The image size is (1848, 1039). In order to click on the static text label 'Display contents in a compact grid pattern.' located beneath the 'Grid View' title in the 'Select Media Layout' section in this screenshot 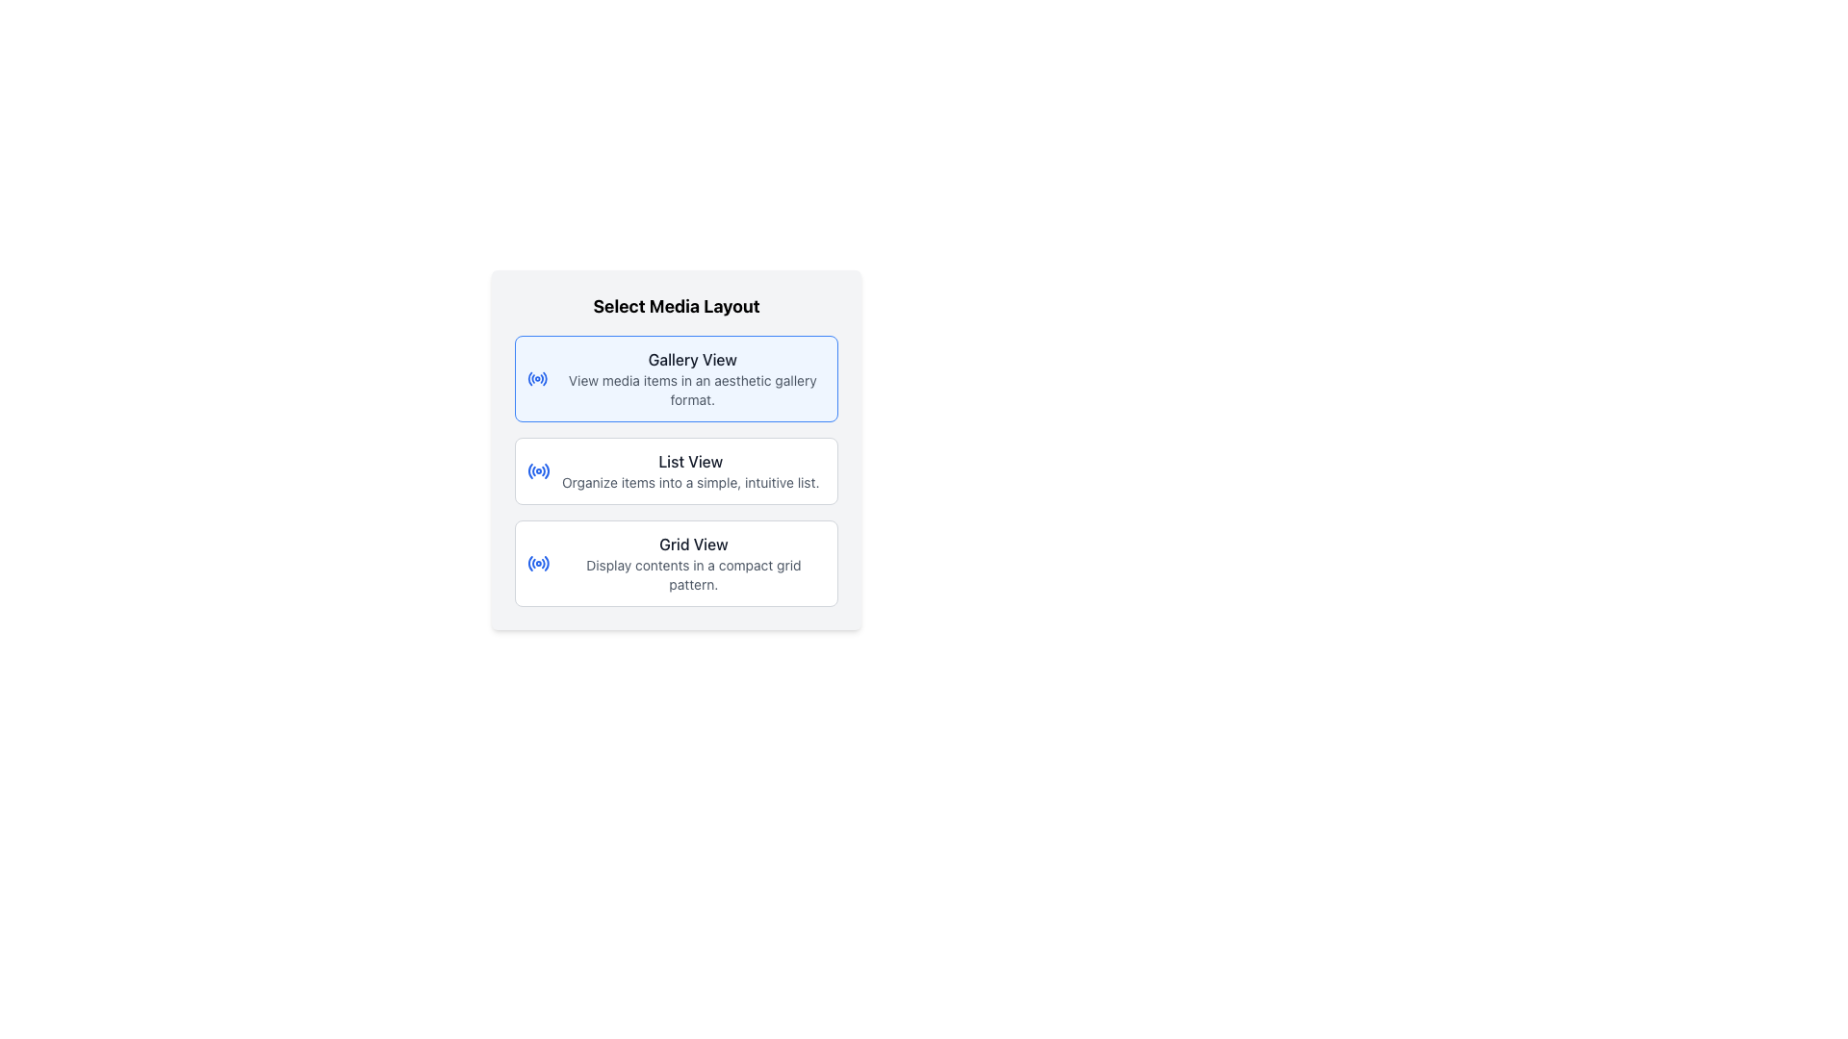, I will do `click(693, 573)`.